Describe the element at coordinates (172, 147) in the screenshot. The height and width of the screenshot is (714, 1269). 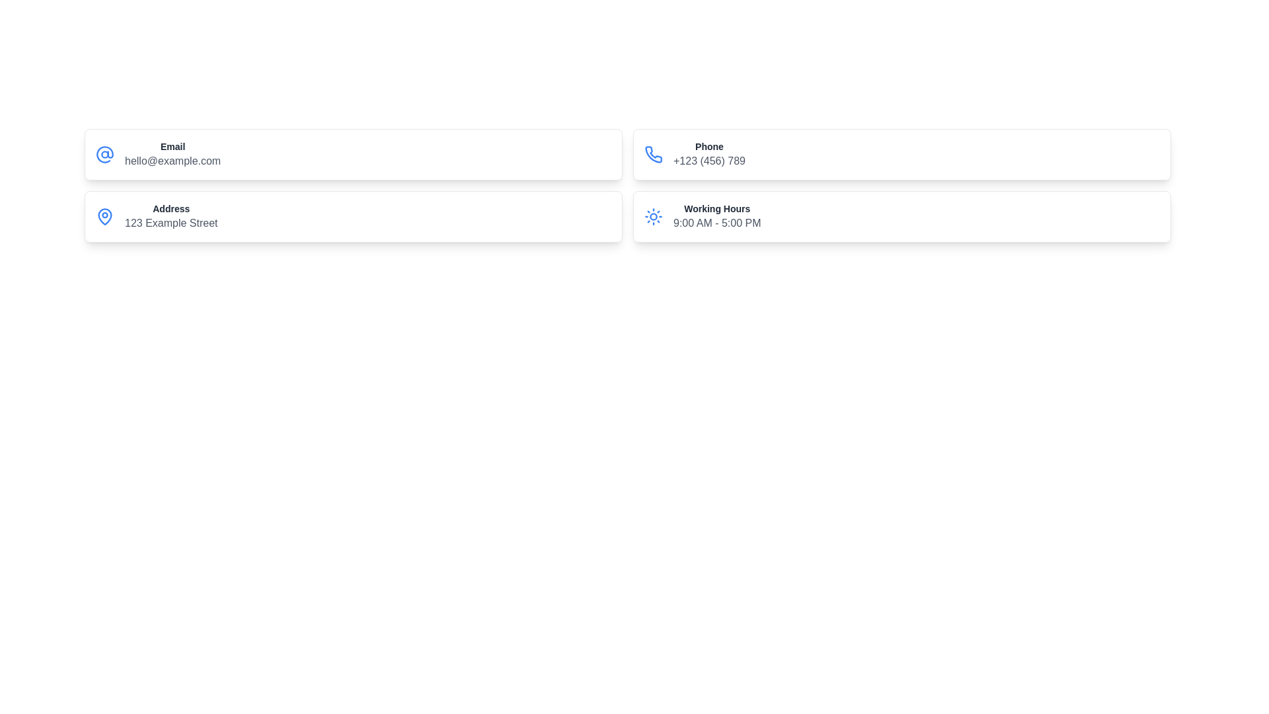
I see `the 'Email' label, which is a compact, bold text in dark gray, located in the left column under an '@' icon` at that location.